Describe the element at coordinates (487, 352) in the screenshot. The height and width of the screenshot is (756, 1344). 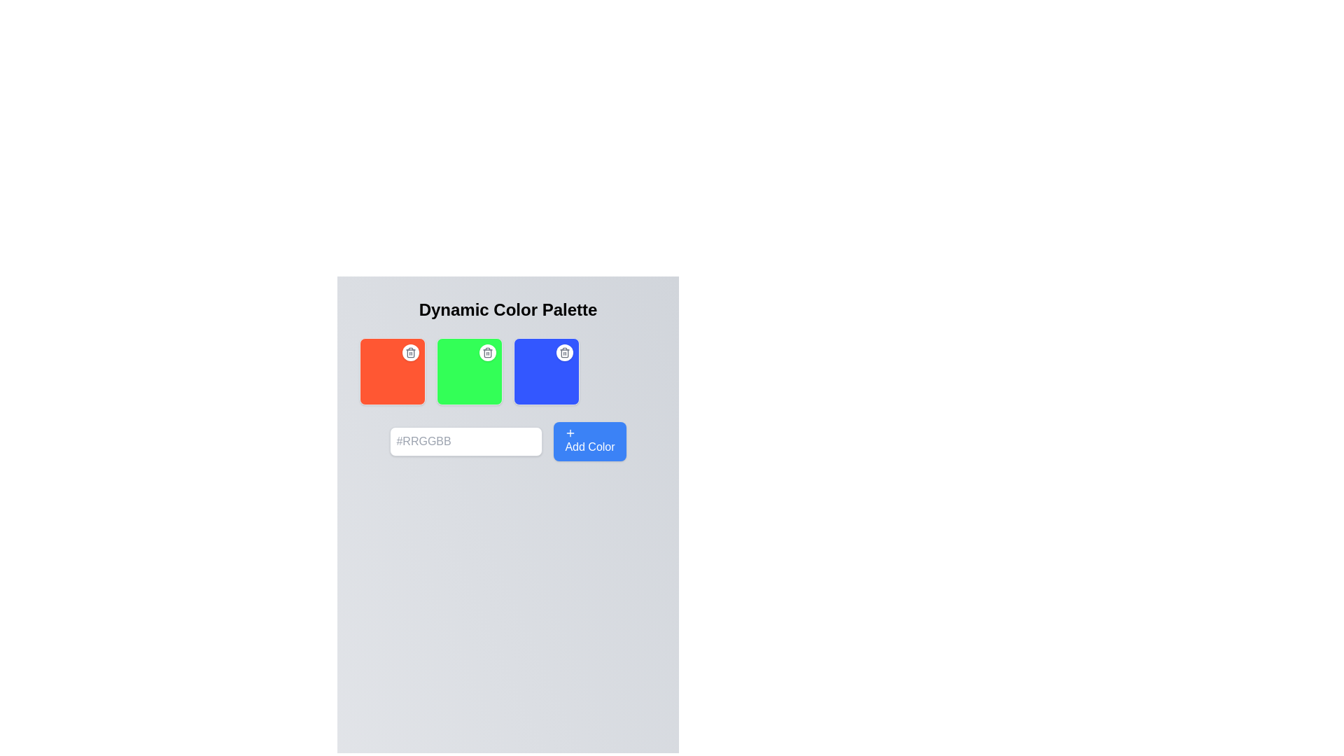
I see `the trash icon within the white circular button located in the top-right corner of the green rectangular element` at that location.